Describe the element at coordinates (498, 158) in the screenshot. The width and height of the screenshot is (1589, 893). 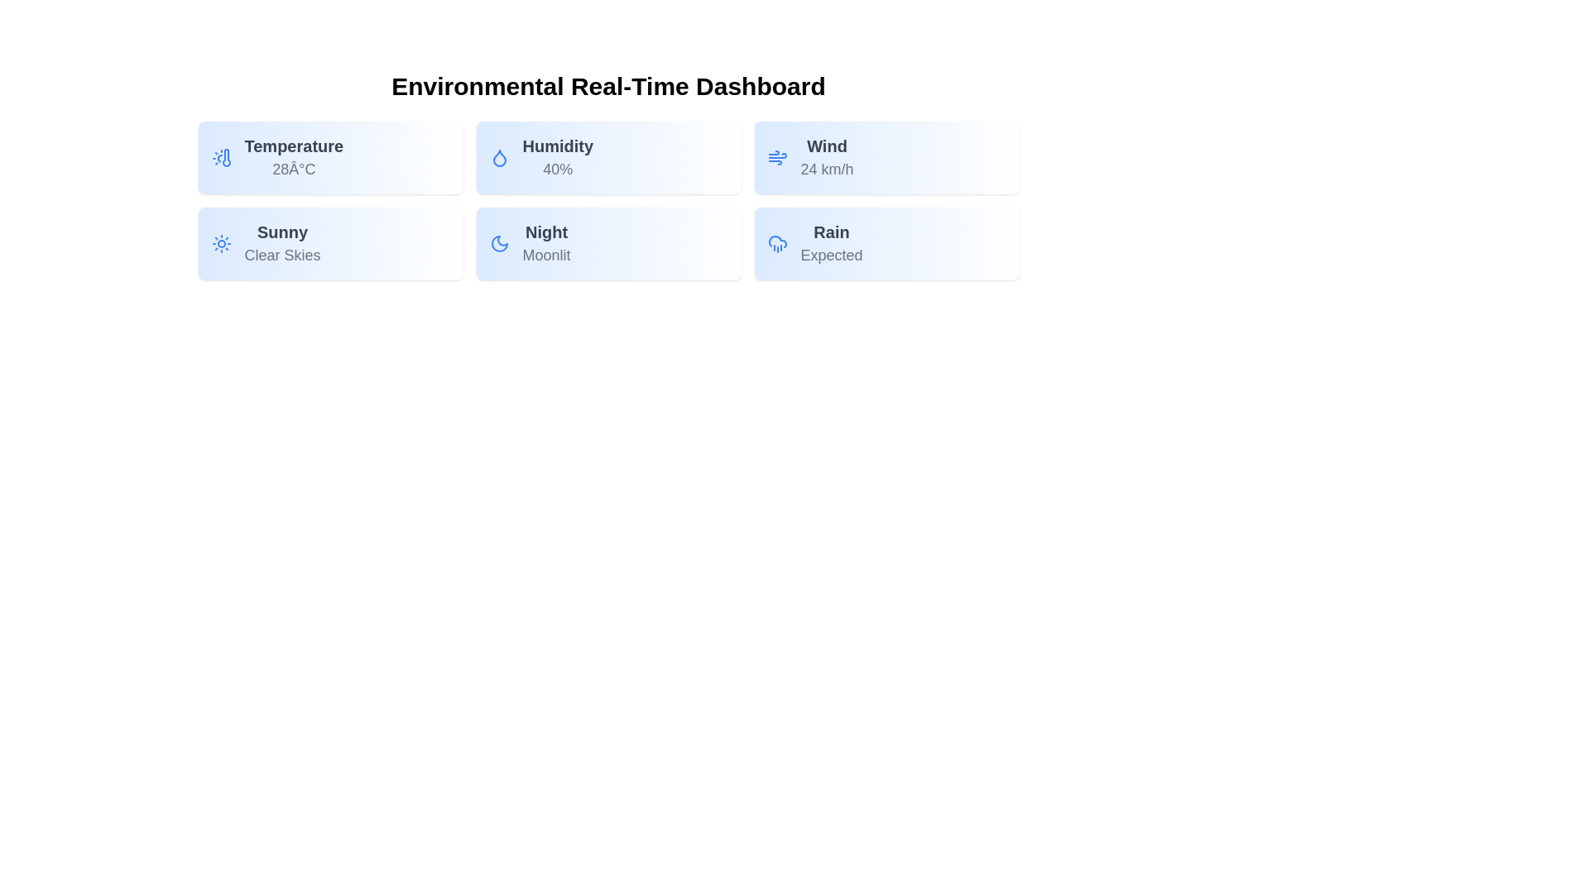
I see `the humidity icon located within the 'Humidity' card in the environmental dashboard, which visually indicates humidity alongside numeric data` at that location.